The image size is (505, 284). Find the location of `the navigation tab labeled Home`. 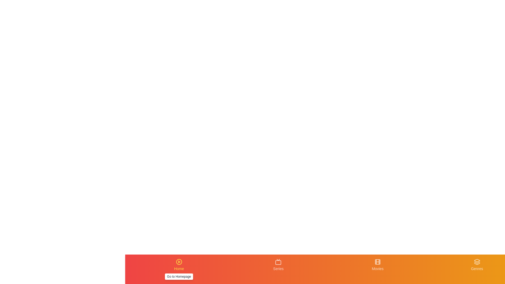

the navigation tab labeled Home is located at coordinates (179, 269).